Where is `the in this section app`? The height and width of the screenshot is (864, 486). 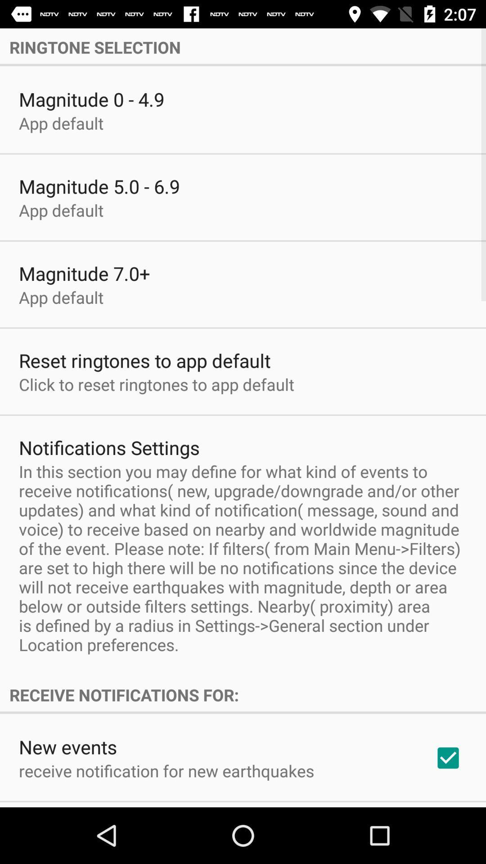
the in this section app is located at coordinates (243, 558).